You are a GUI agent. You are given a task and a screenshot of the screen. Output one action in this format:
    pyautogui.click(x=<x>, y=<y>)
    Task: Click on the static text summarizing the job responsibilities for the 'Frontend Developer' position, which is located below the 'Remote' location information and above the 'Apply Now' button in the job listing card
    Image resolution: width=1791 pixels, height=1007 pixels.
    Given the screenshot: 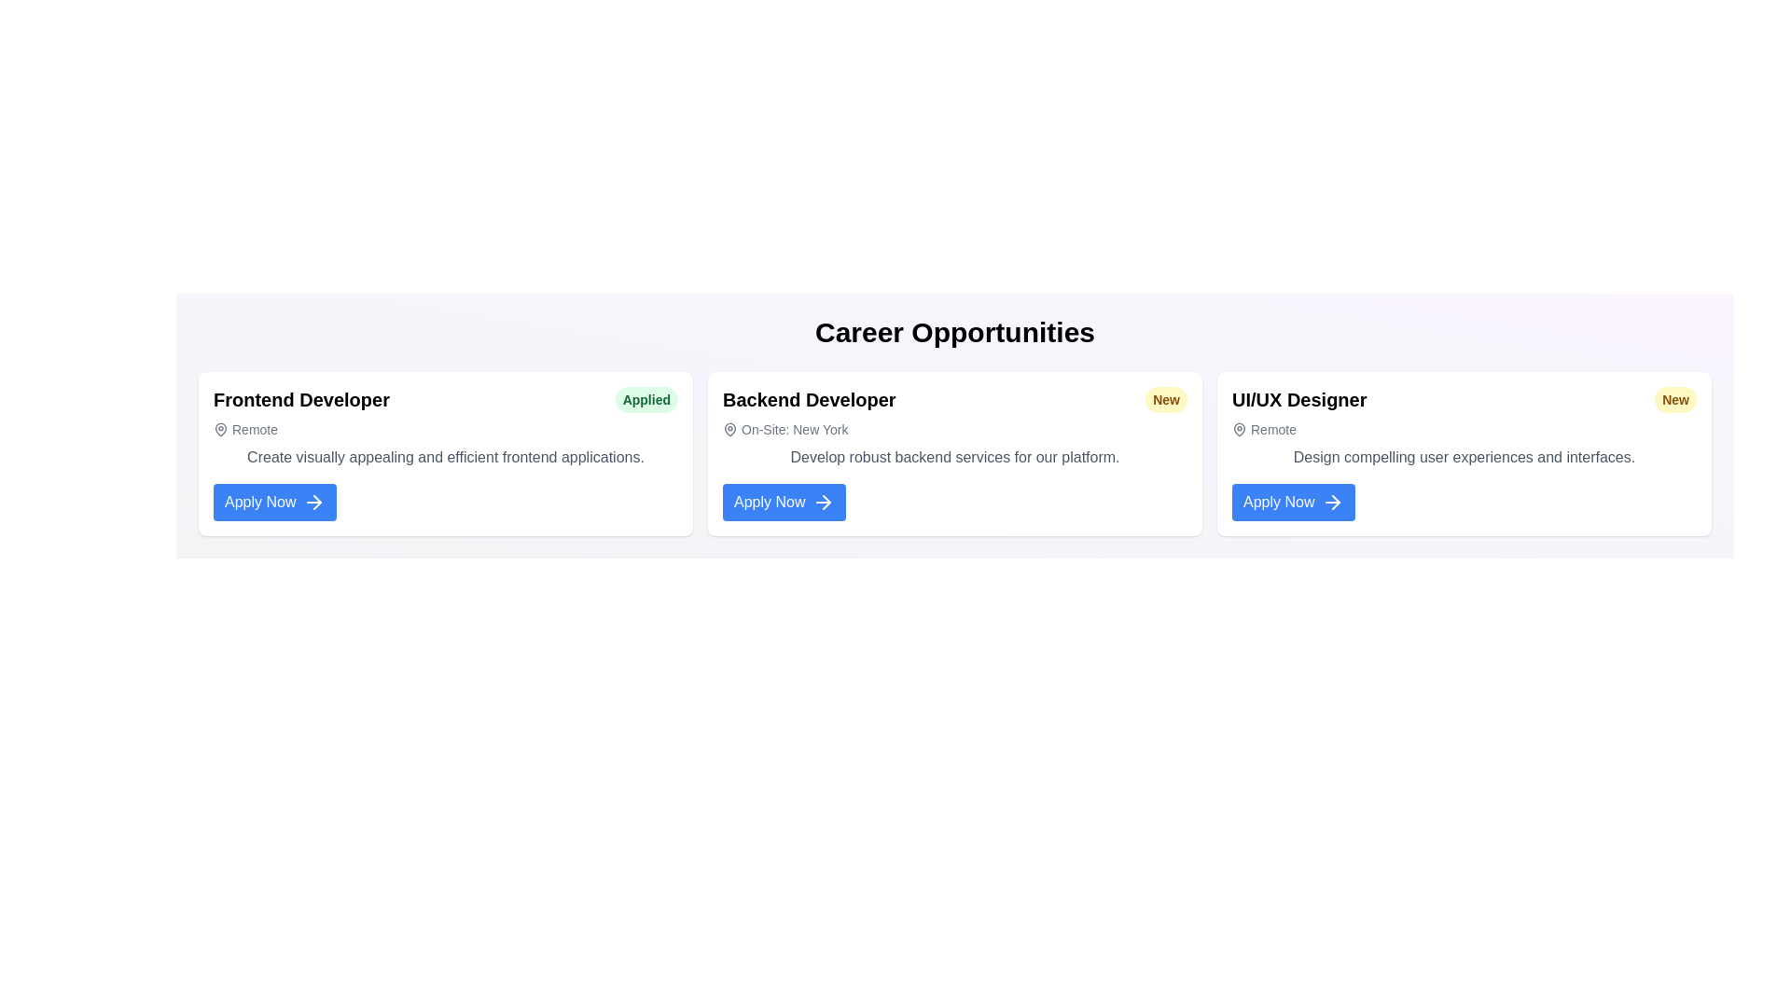 What is the action you would take?
    pyautogui.click(x=445, y=457)
    